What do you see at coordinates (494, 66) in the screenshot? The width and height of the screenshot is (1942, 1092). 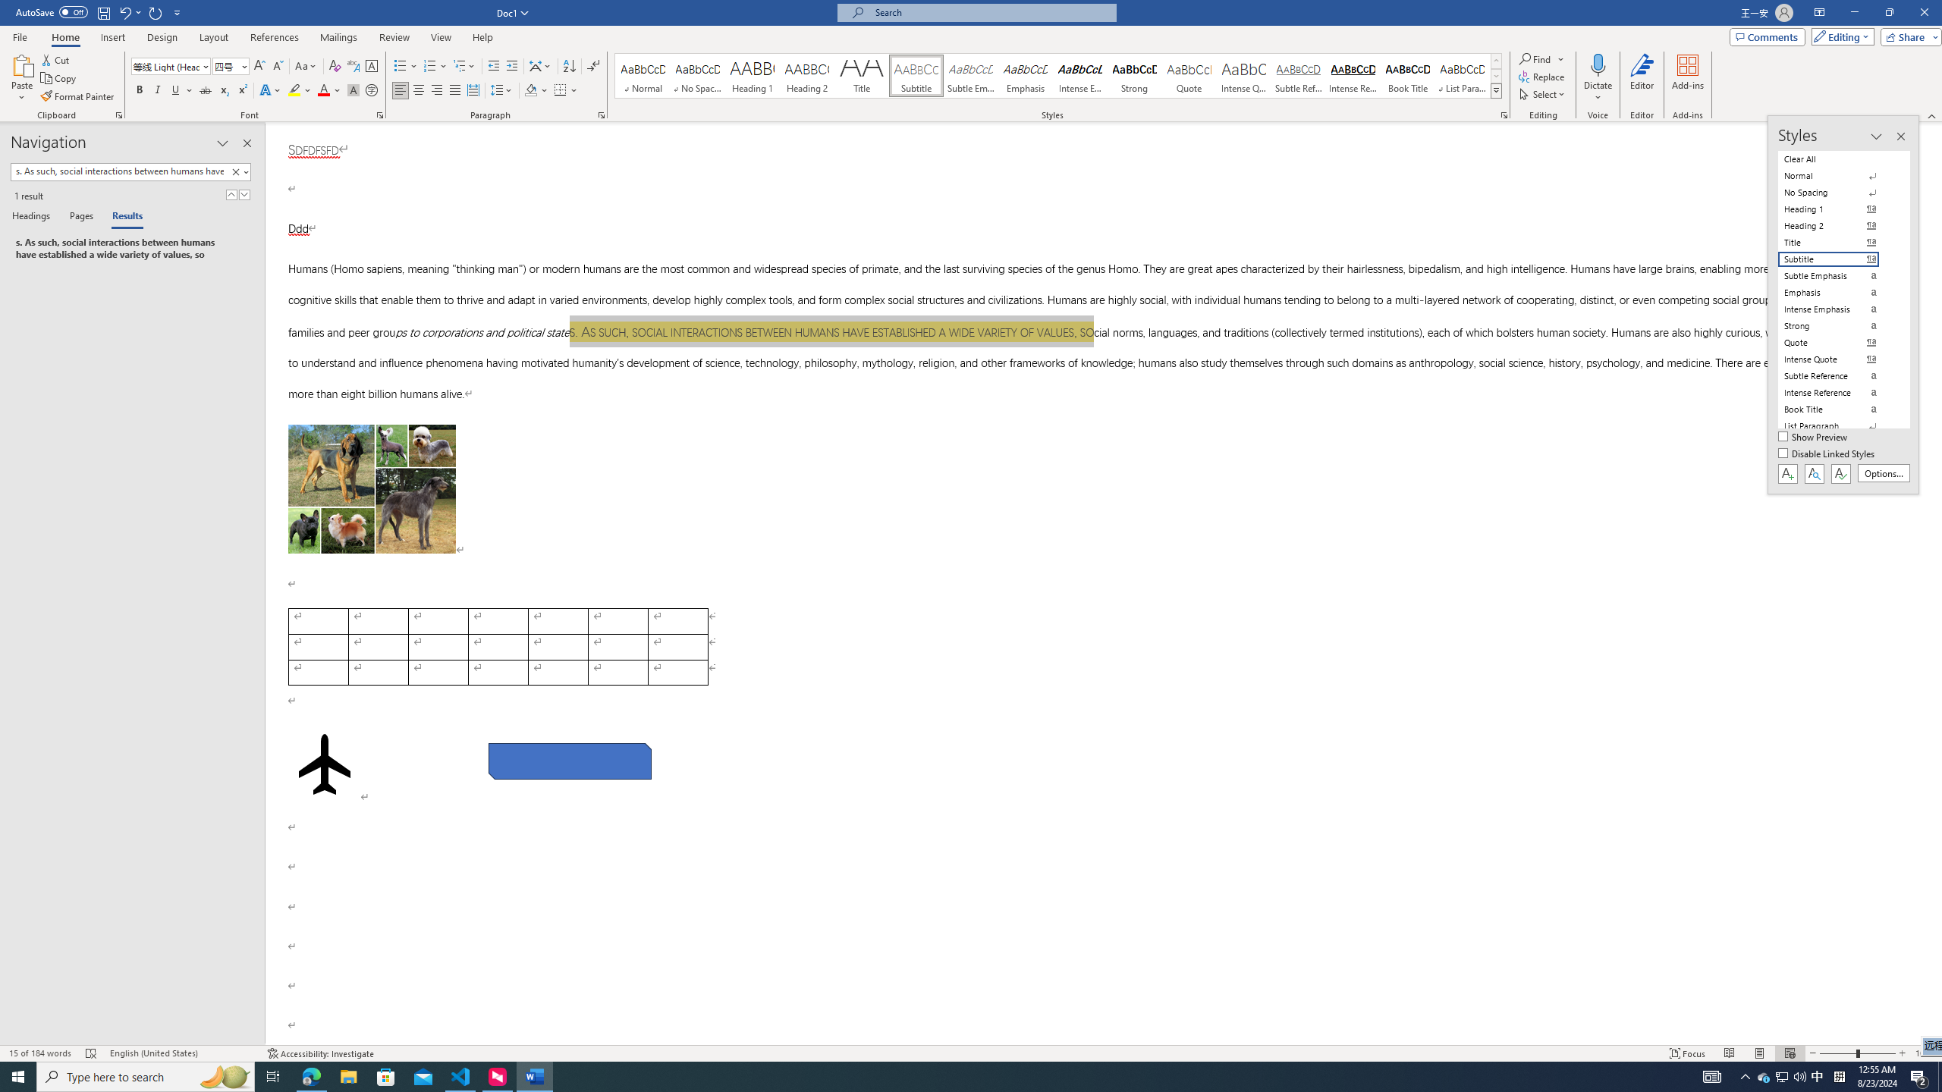 I see `'Decrease Indent'` at bounding box center [494, 66].